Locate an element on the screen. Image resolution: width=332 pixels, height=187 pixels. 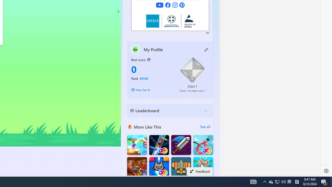
'Atlantic Sky Hunter' is located at coordinates (181, 167).